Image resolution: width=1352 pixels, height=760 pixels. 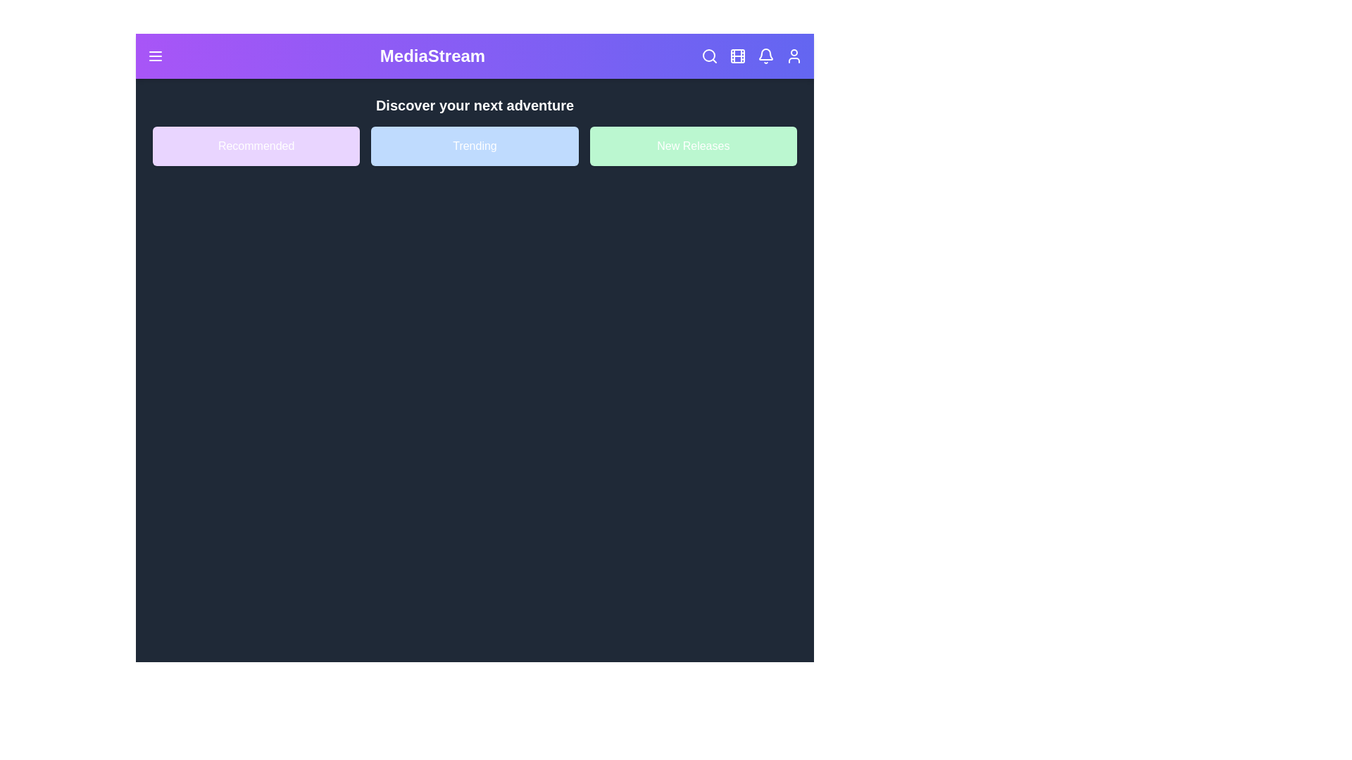 What do you see at coordinates (475, 56) in the screenshot?
I see `the header gradient to explore its visual design` at bounding box center [475, 56].